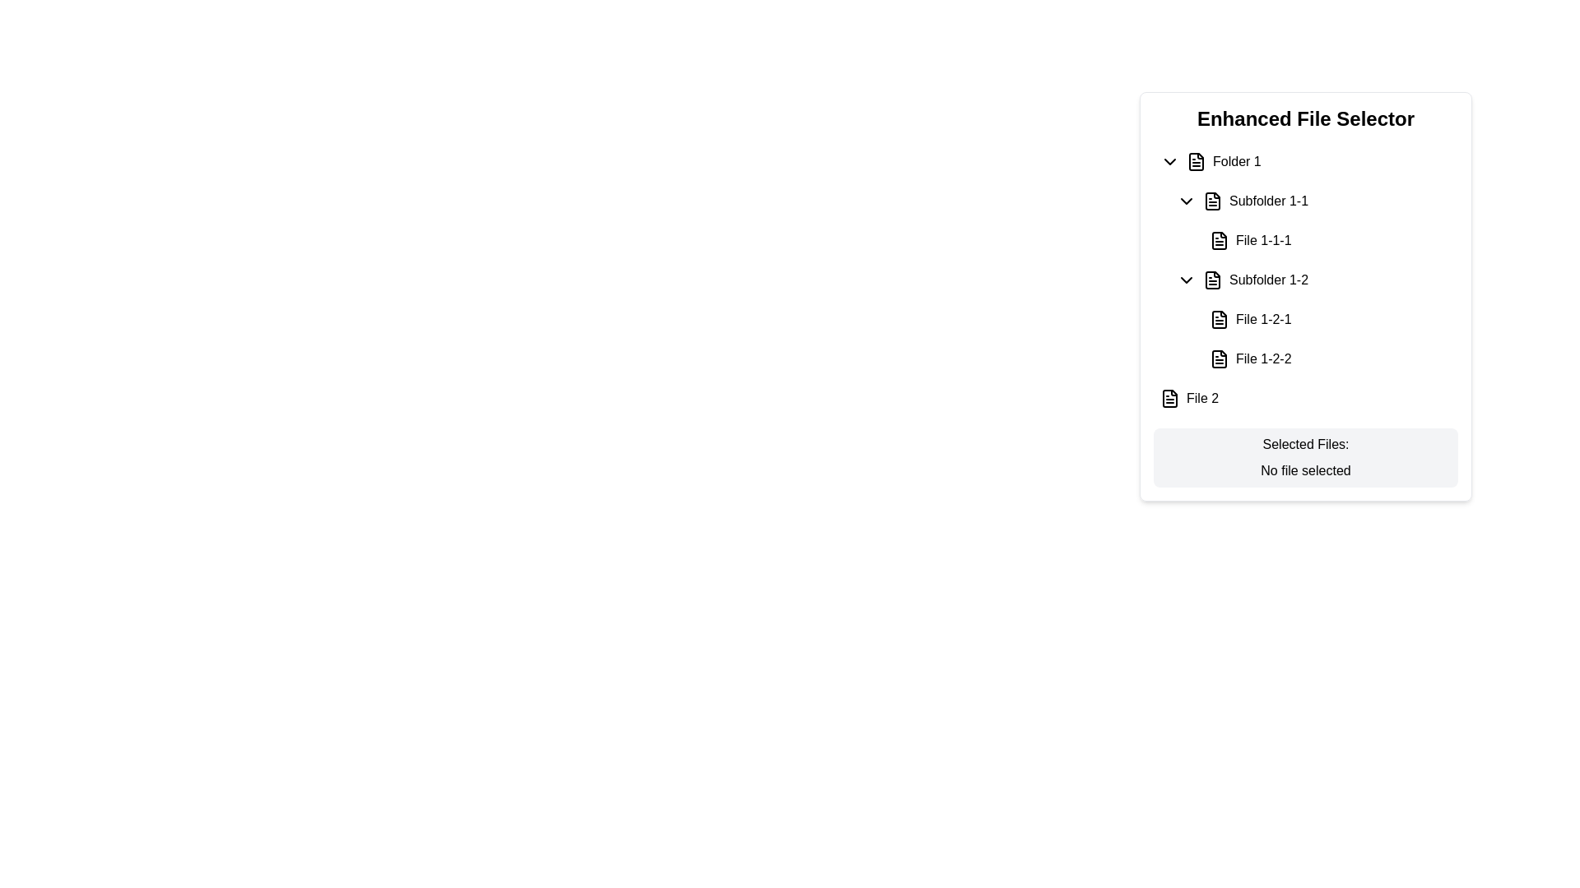 The height and width of the screenshot is (888, 1580). I want to click on the List item representing the file element labeled 'File 2' to trigger hover effects, so click(1305, 399).